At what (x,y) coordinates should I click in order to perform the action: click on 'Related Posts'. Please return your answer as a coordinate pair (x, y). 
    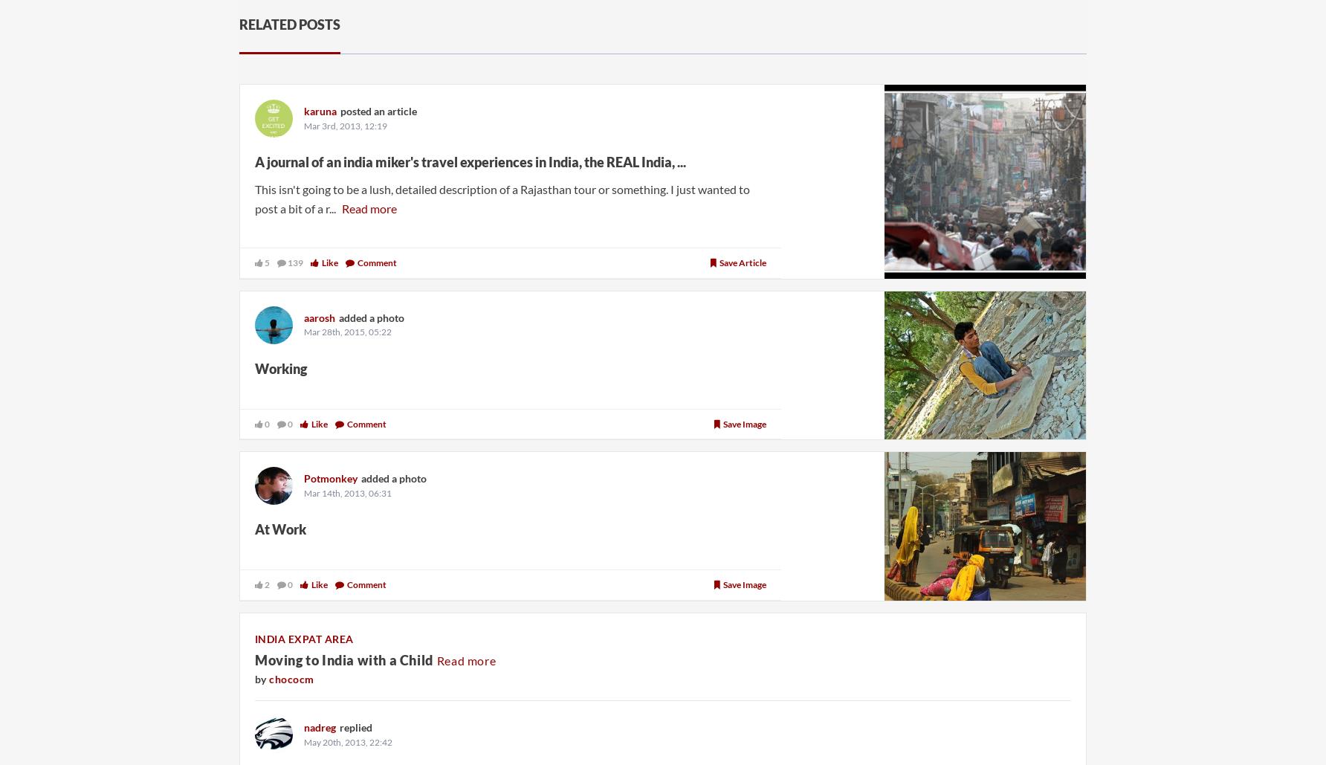
    Looking at the image, I should click on (288, 25).